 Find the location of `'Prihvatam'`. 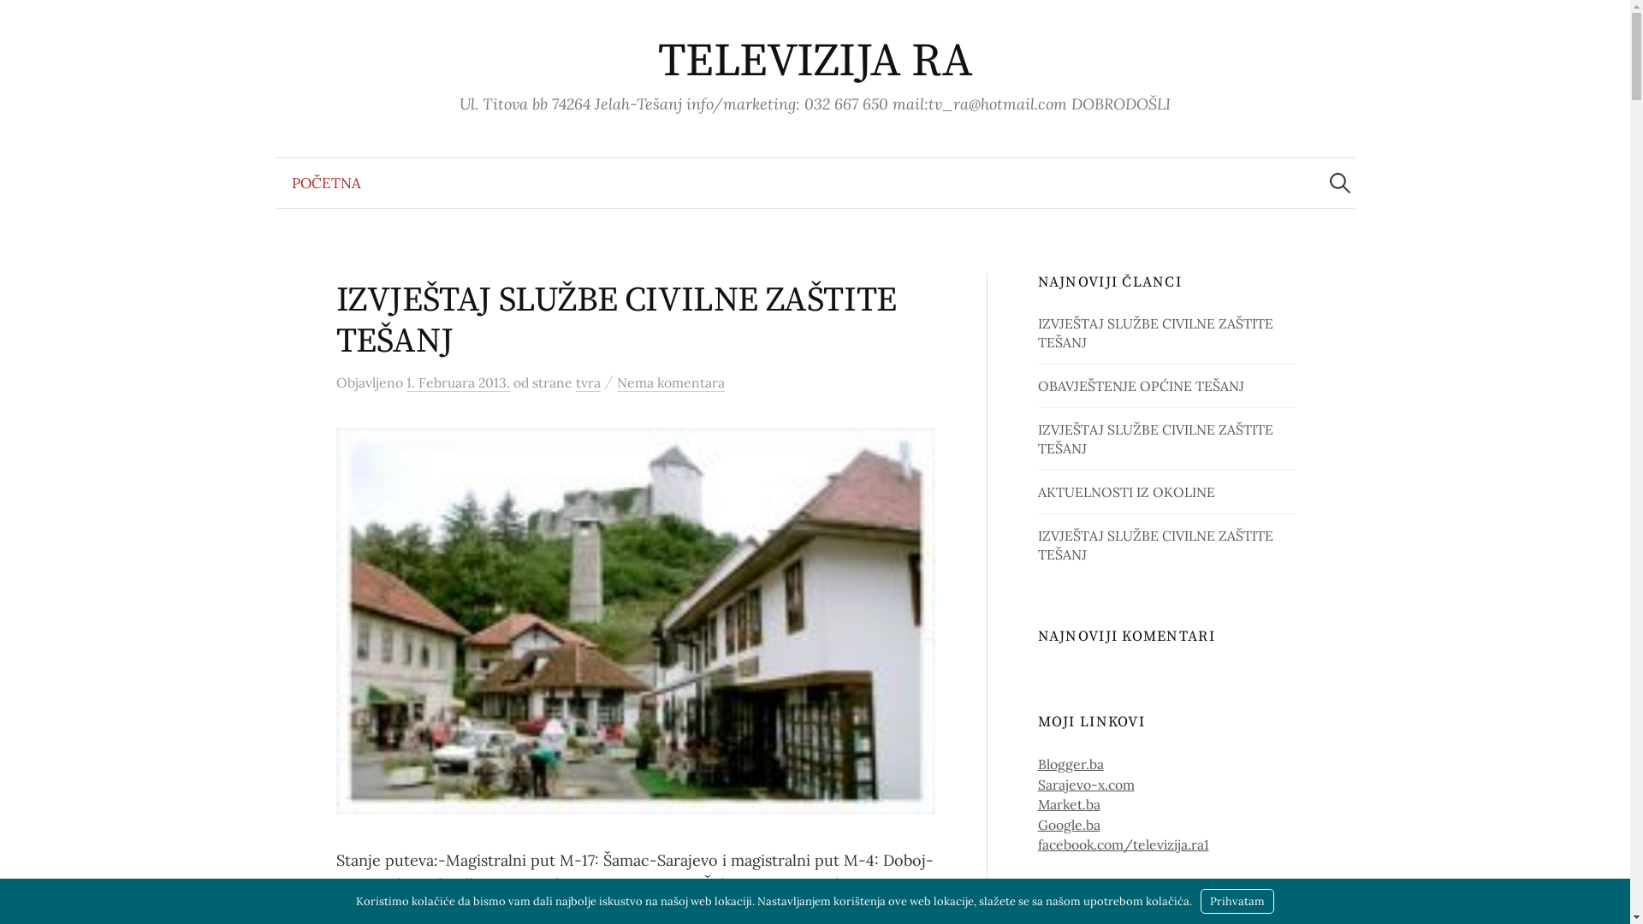

'Prihvatam' is located at coordinates (1237, 900).